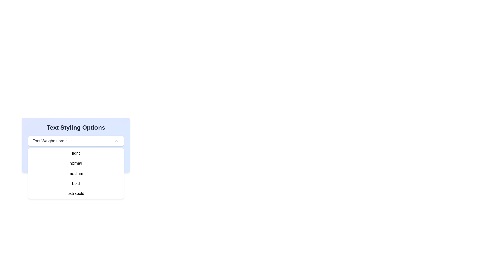 This screenshot has width=485, height=272. Describe the element at coordinates (76, 153) in the screenshot. I see `the 'light' option from the dropdown list` at that location.